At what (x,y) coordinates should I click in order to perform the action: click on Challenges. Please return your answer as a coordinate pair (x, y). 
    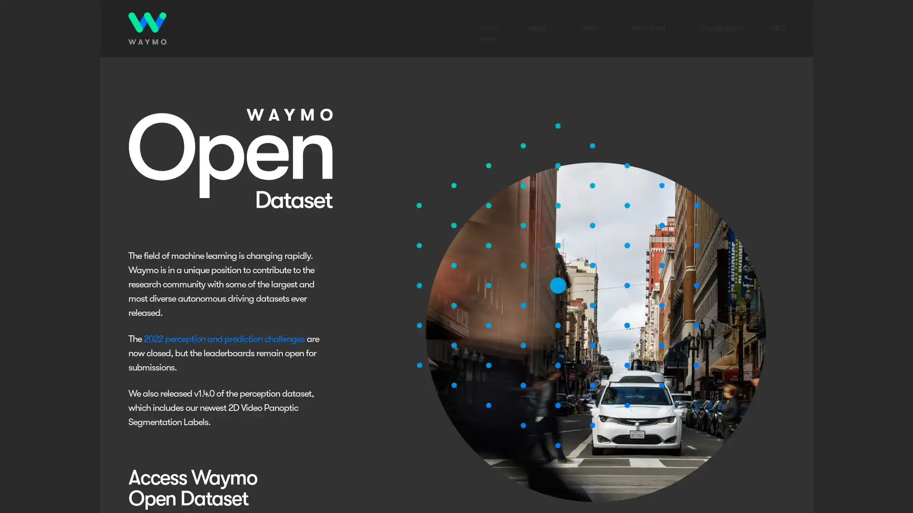
    Looking at the image, I should click on (718, 28).